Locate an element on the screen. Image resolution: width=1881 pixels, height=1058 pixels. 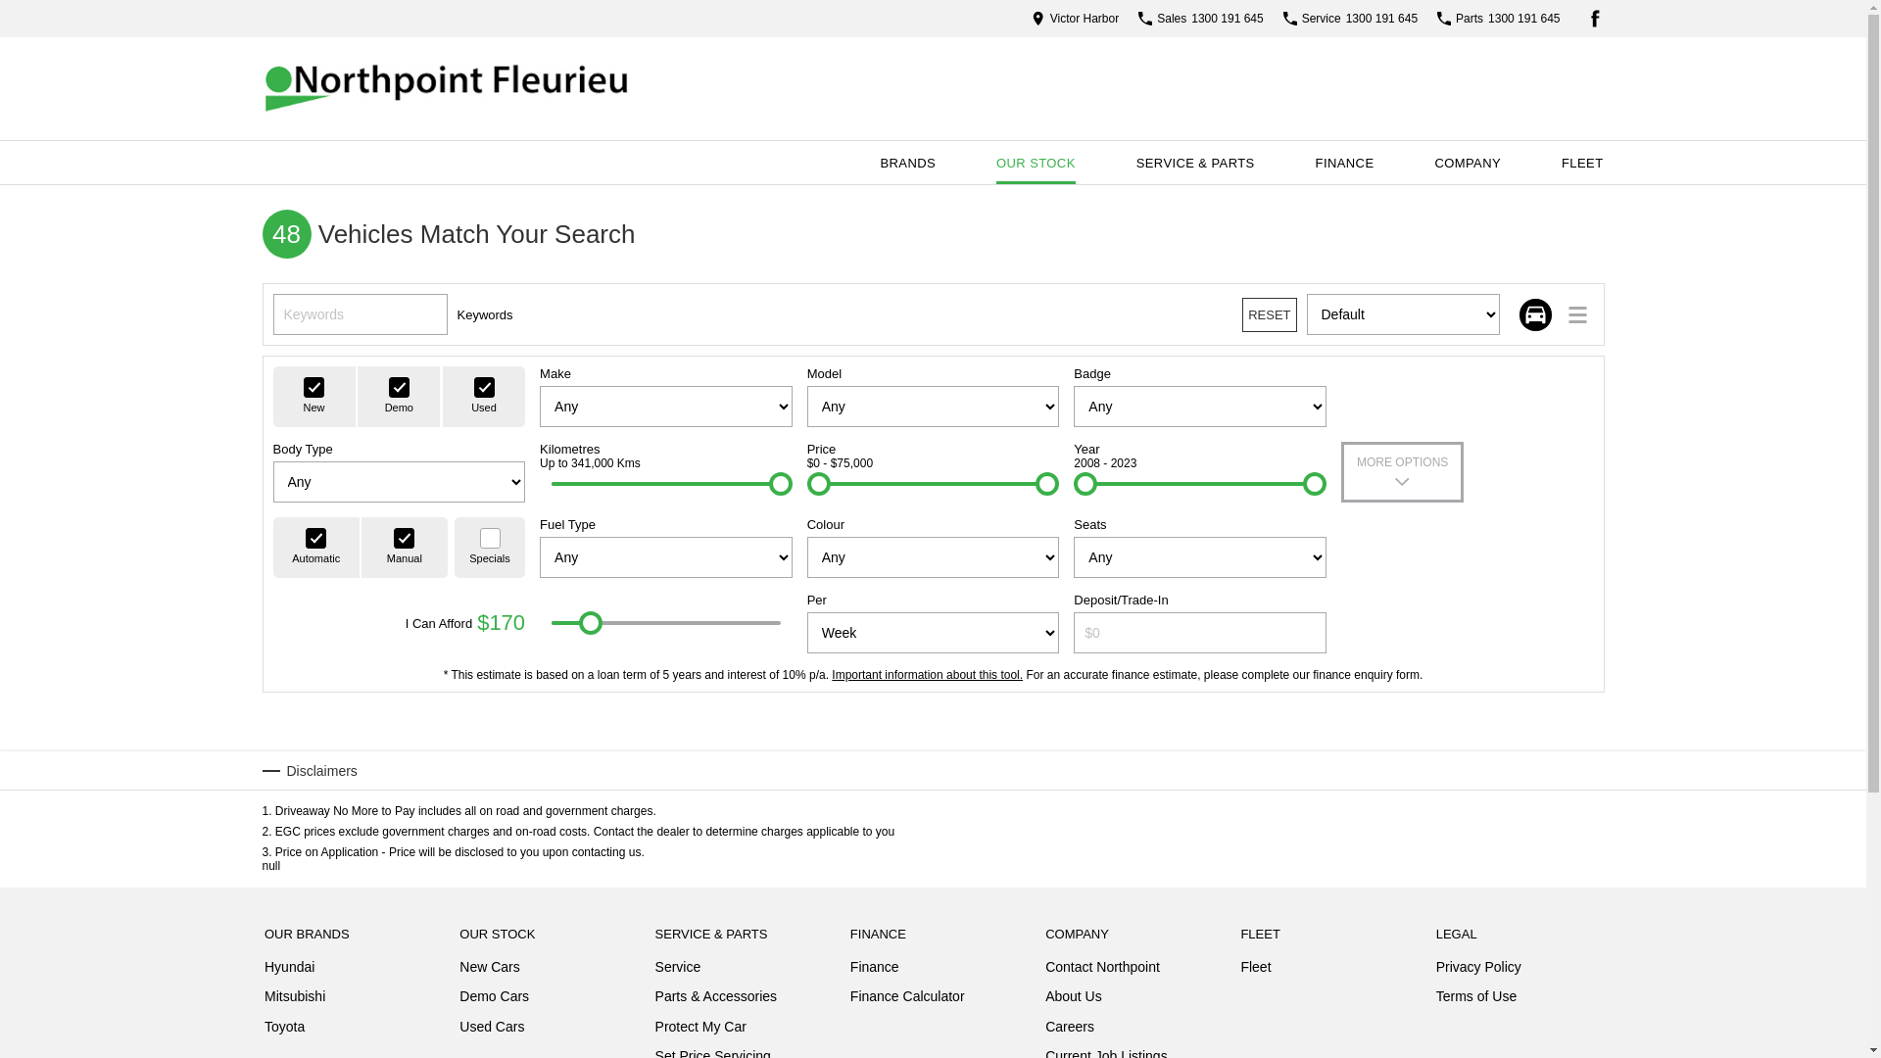
'Finance Calculator' is located at coordinates (850, 996).